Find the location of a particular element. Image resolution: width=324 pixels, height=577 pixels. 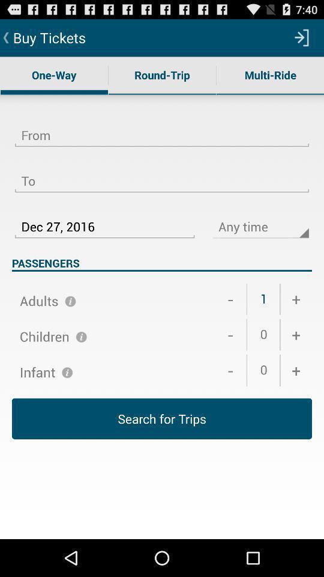

the icon below + item is located at coordinates (295, 335).